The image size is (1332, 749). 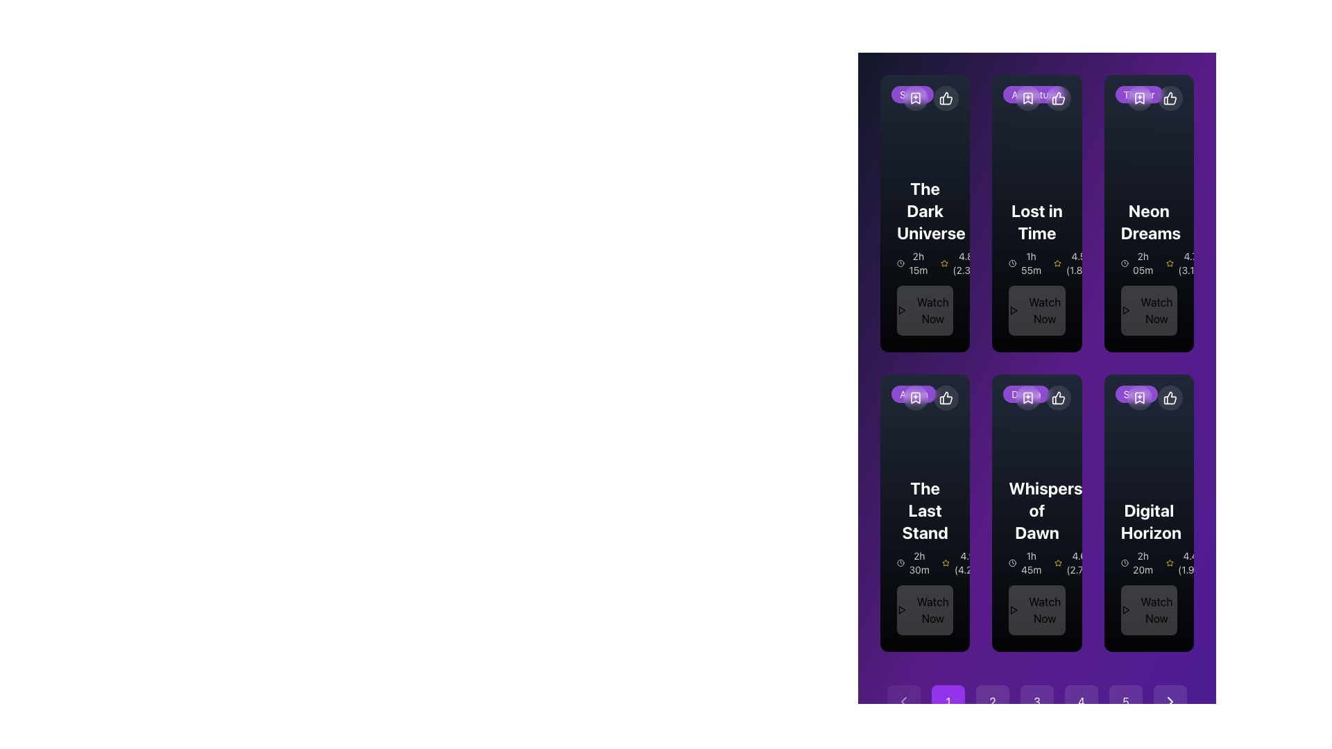 I want to click on the call-to-action button at the bottom center of the 'Whispers of Dawn' card, so click(x=1036, y=609).